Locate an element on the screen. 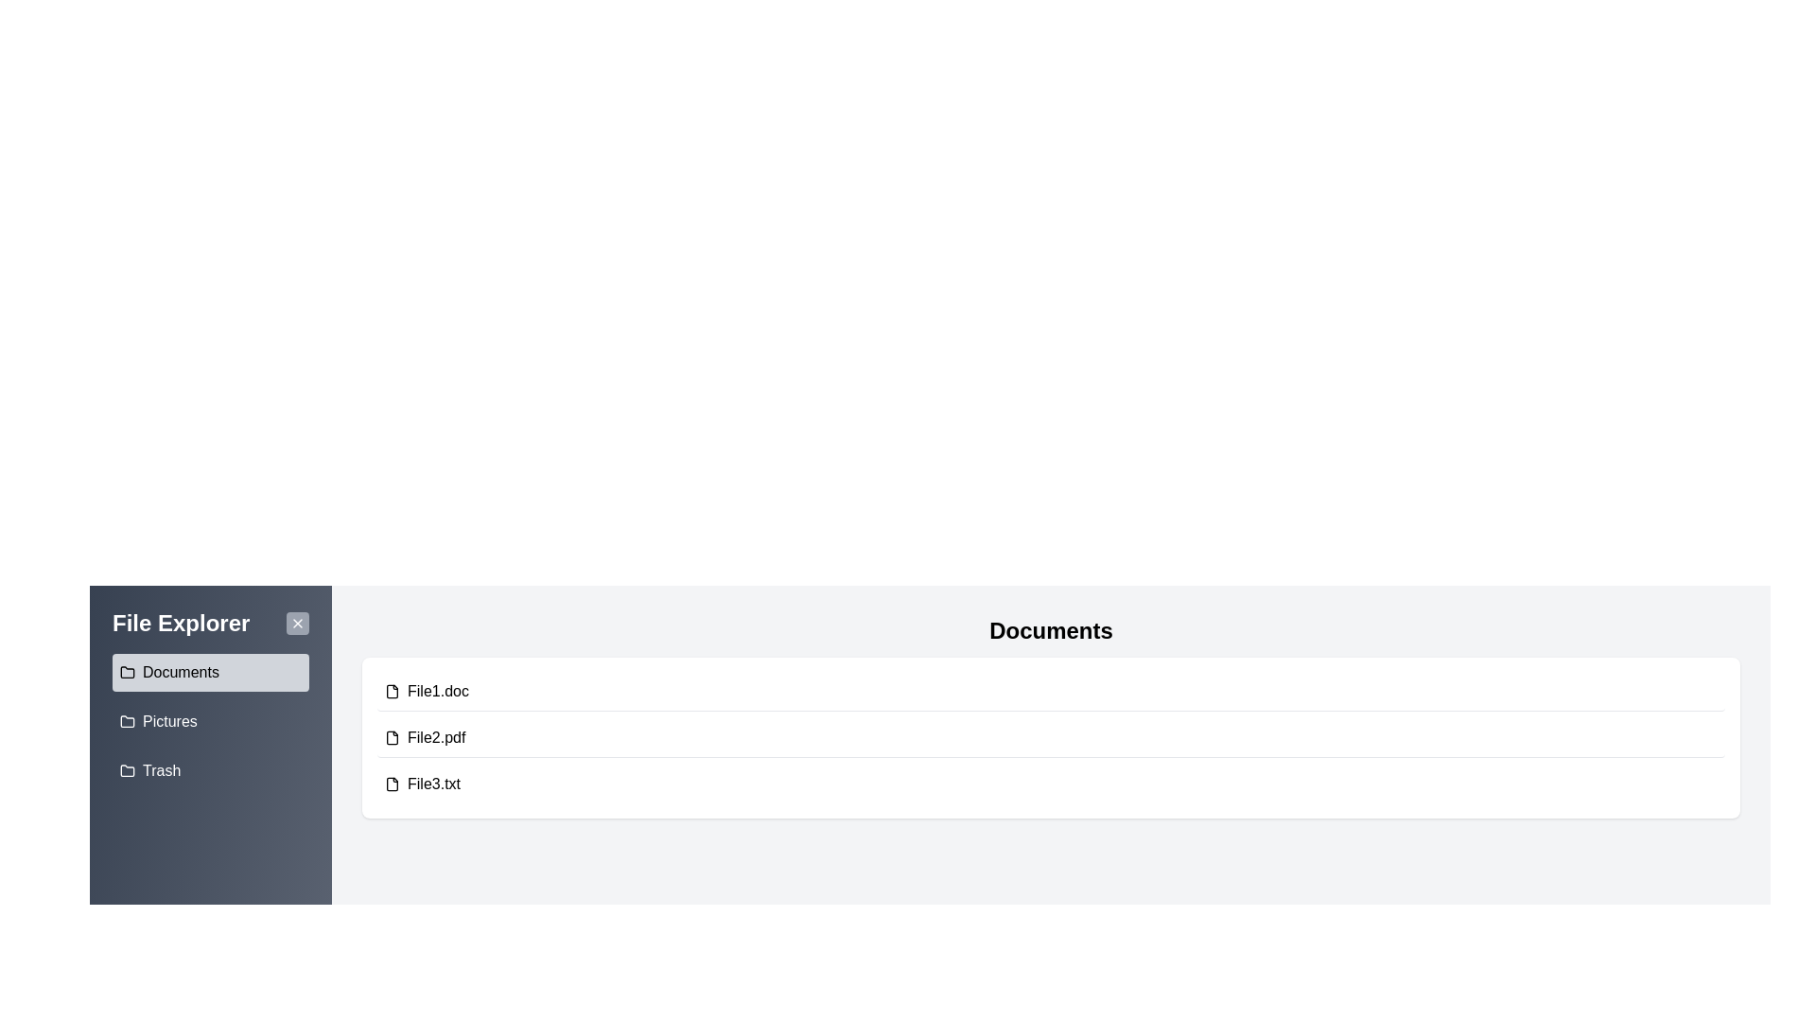 Image resolution: width=1816 pixels, height=1022 pixels. the folder named Documents from the sidebar is located at coordinates (210, 671).